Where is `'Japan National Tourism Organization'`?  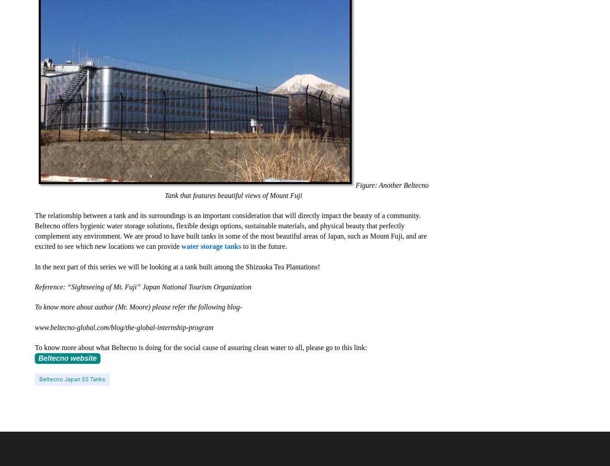 'Japan National Tourism Organization' is located at coordinates (196, 287).